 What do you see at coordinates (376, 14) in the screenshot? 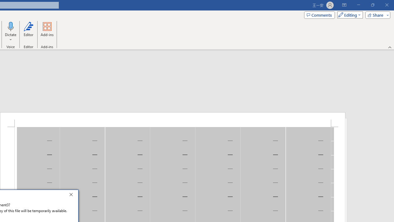
I see `'Share'` at bounding box center [376, 14].